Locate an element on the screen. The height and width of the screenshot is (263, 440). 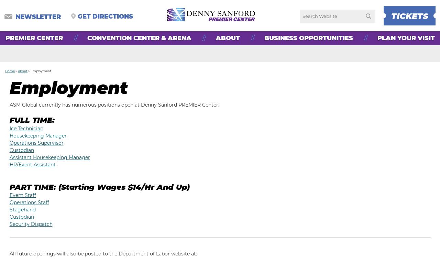
'Get Directions' is located at coordinates (77, 16).